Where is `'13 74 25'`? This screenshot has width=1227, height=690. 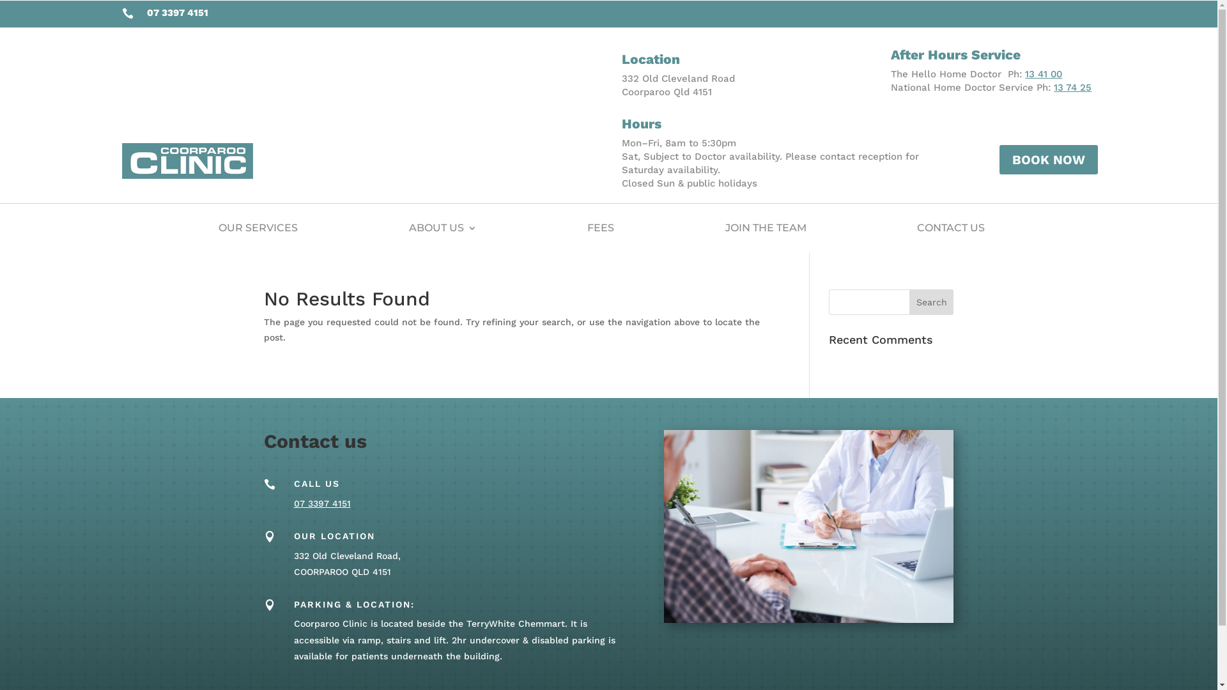 '13 74 25' is located at coordinates (1054, 87).